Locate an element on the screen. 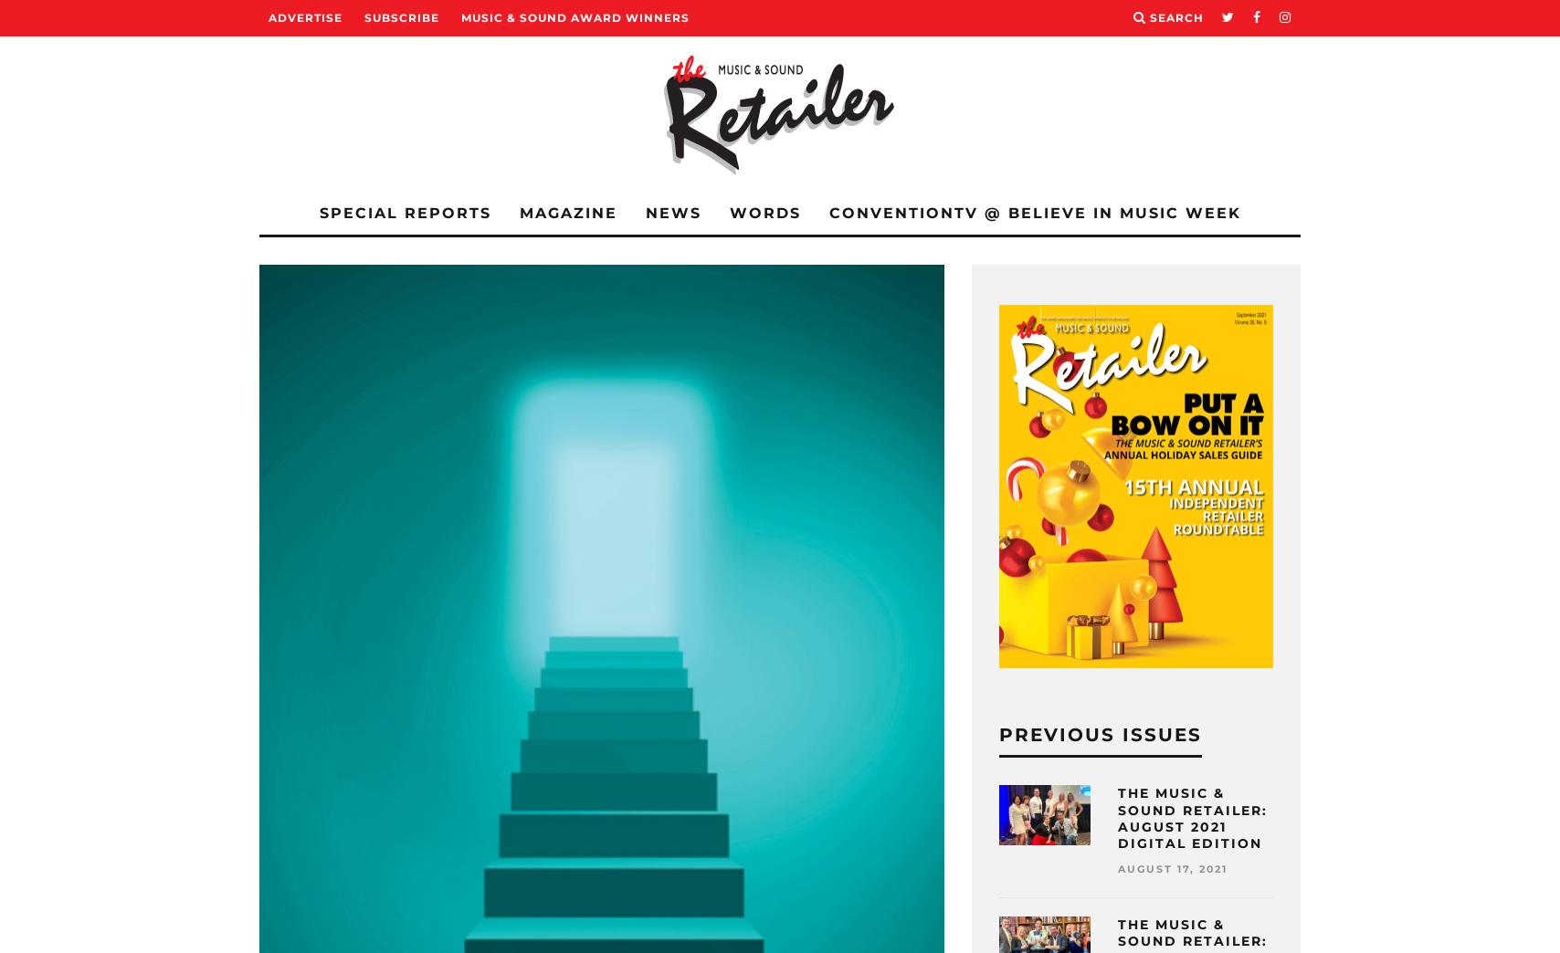 This screenshot has width=1560, height=953. 'Columns' is located at coordinates (368, 368).